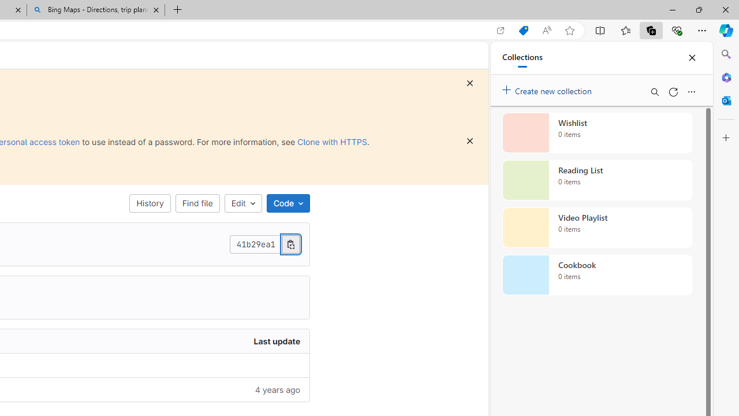 This screenshot has height=416, width=739. Describe the element at coordinates (501, 30) in the screenshot. I see `'Open in app'` at that location.